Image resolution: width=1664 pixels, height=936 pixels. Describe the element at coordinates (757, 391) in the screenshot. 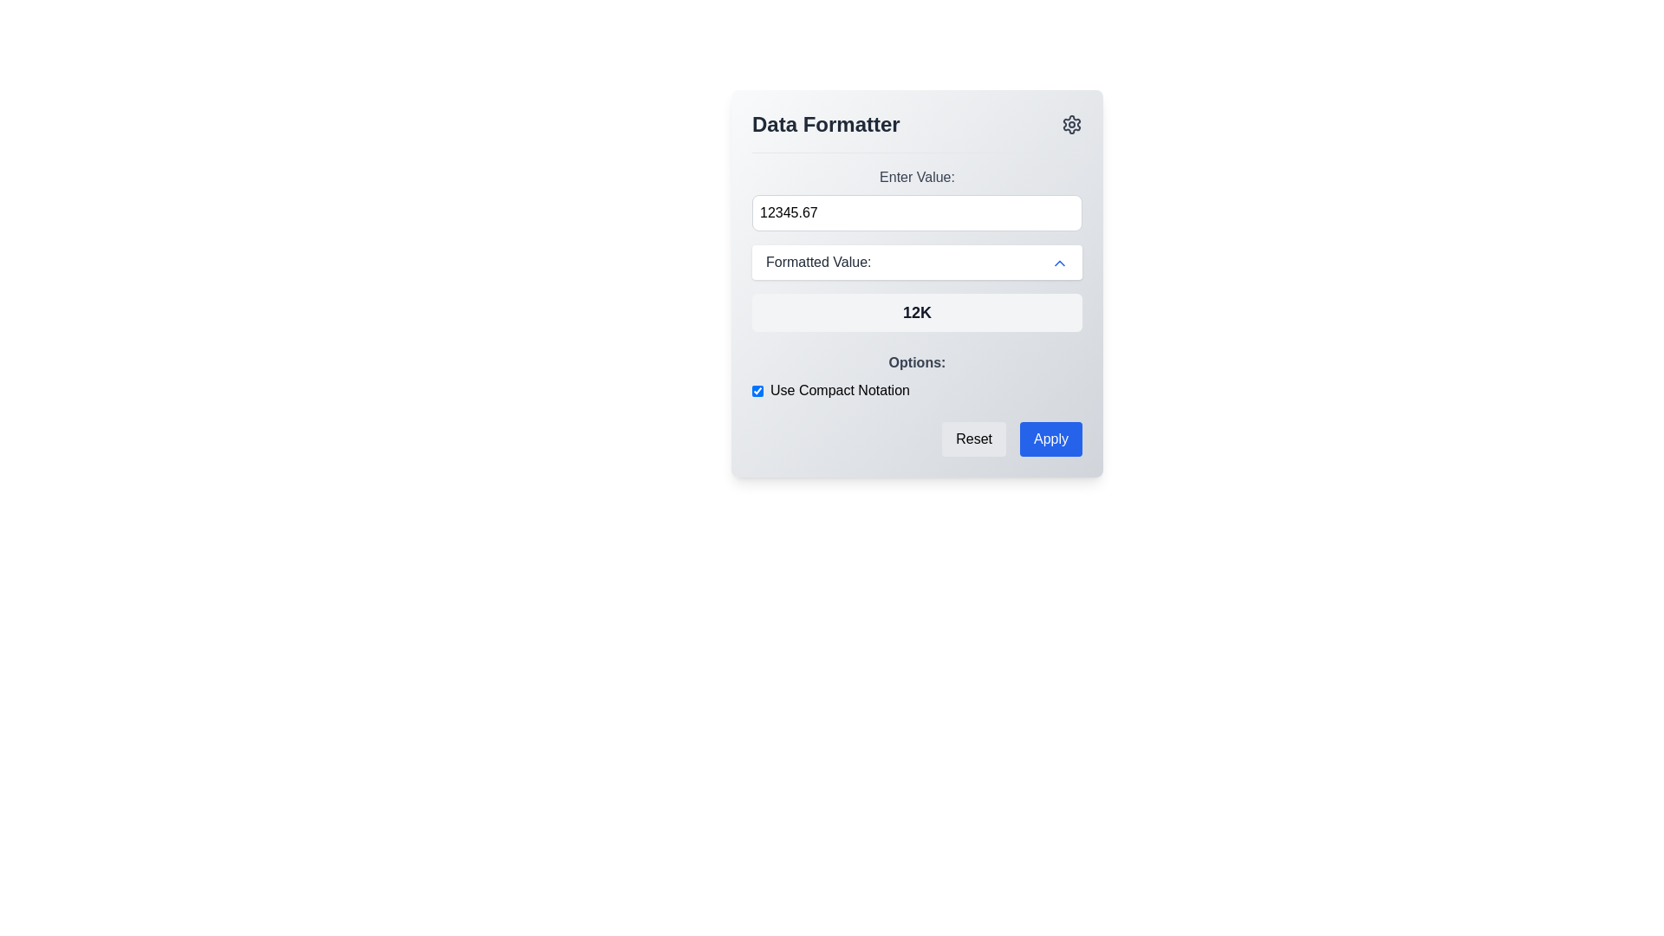

I see `the checkbox with a blue checkmark located to the left of the label 'Use Compact Notation' in the 'Options' section` at that location.